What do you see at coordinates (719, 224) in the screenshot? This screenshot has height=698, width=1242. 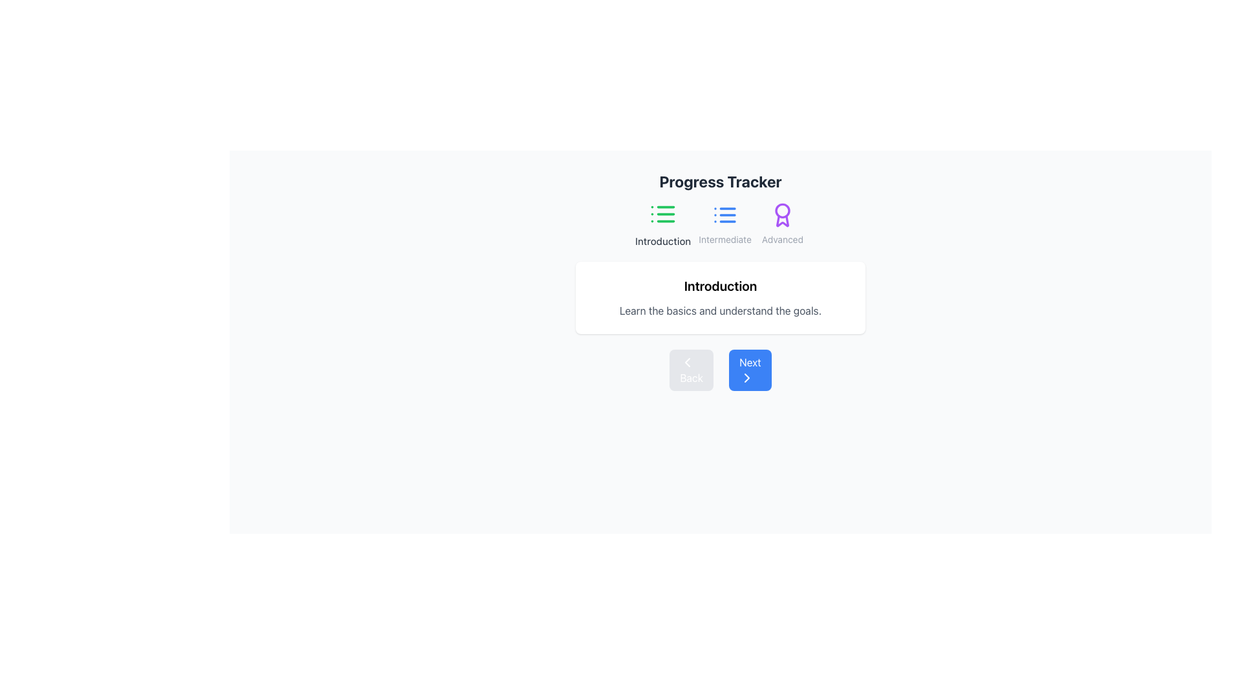 I see `the specific sections of the Progress Tracker` at bounding box center [719, 224].